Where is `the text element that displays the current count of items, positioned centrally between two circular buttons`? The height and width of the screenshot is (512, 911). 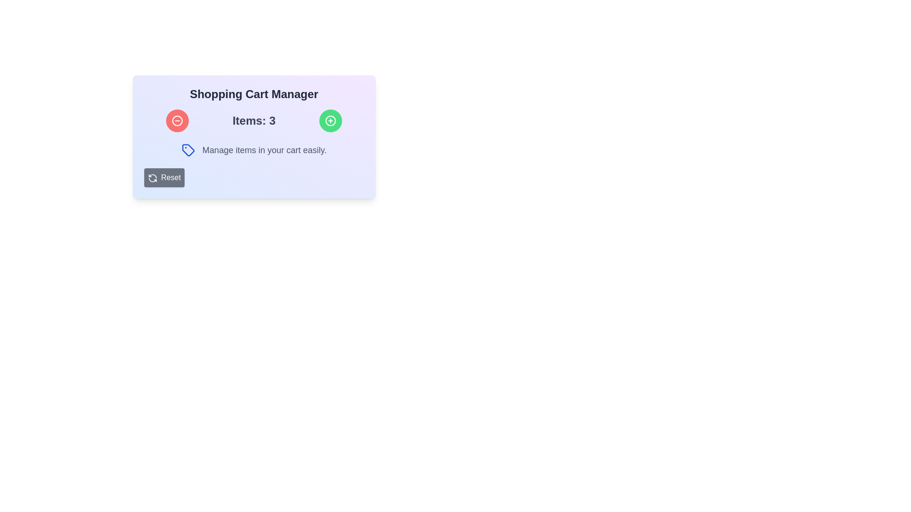 the text element that displays the current count of items, positioned centrally between two circular buttons is located at coordinates (254, 120).